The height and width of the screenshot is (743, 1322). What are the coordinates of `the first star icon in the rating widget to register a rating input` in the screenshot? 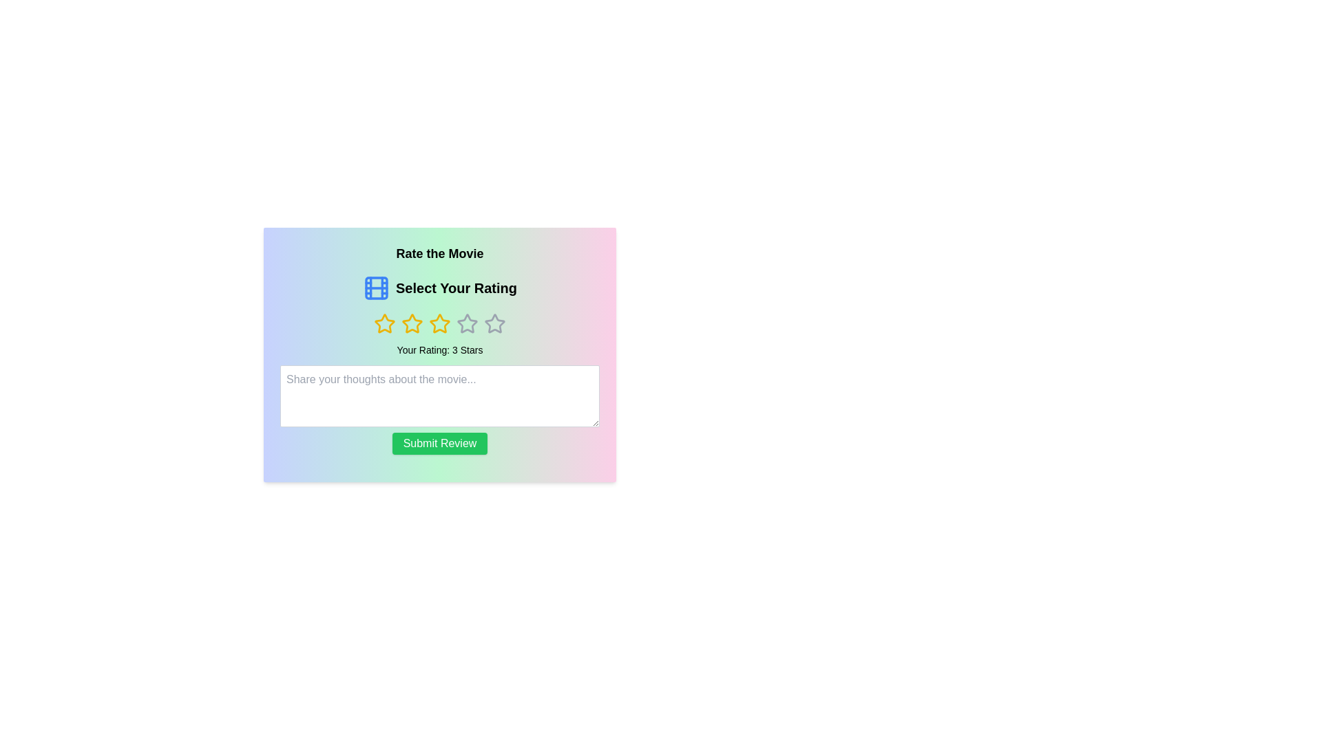 It's located at (384, 323).